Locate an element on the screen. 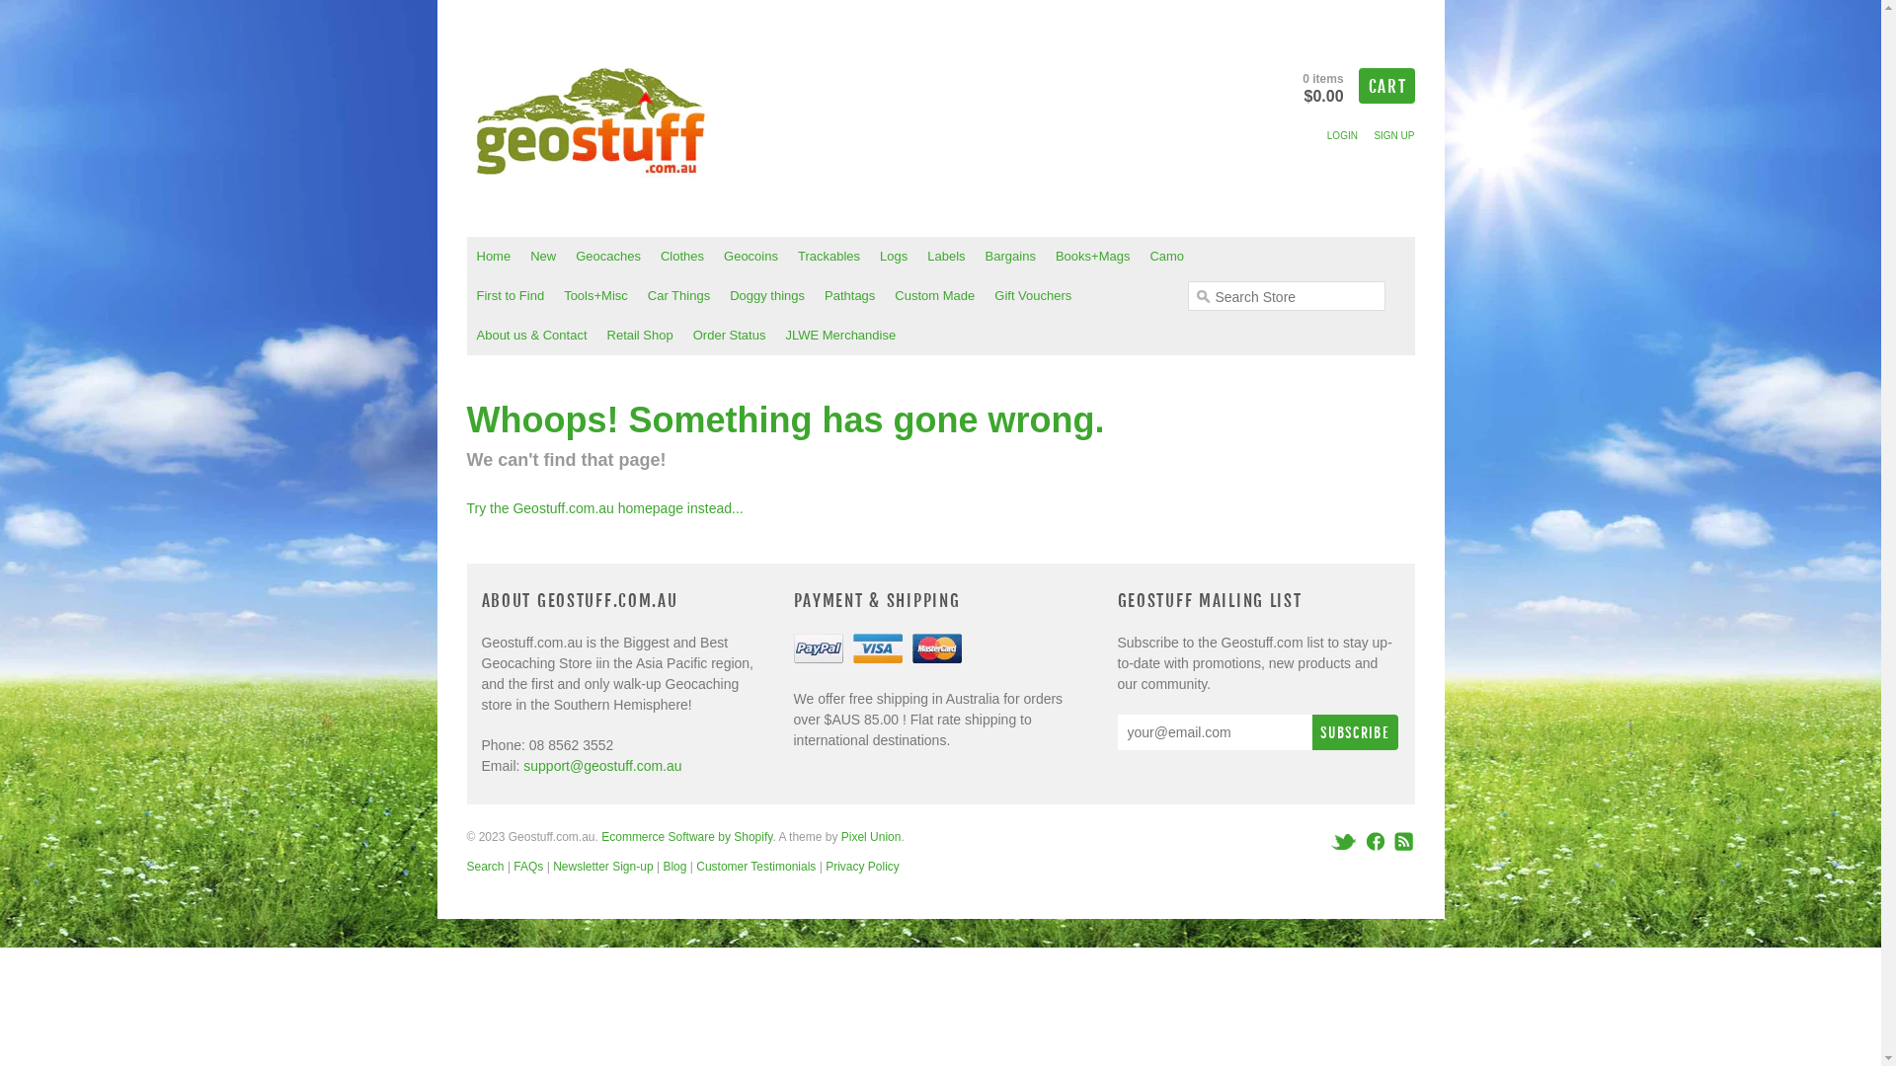  'New' is located at coordinates (543, 255).